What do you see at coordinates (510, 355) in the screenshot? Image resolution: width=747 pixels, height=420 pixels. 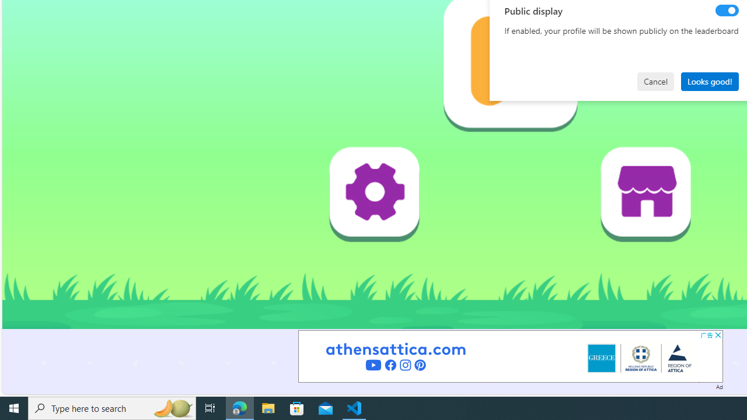 I see `'Advertisement'` at bounding box center [510, 355].